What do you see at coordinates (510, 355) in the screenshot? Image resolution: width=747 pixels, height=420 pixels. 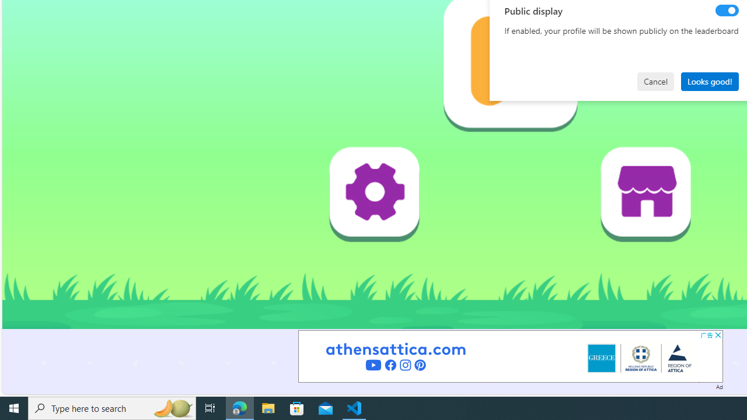 I see `'Advertisement'` at bounding box center [510, 355].